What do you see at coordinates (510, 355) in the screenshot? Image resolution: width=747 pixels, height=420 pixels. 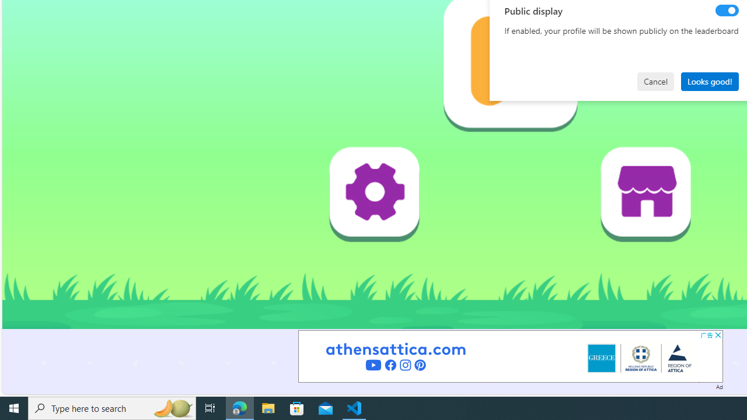 I see `'Advertisement'` at bounding box center [510, 355].